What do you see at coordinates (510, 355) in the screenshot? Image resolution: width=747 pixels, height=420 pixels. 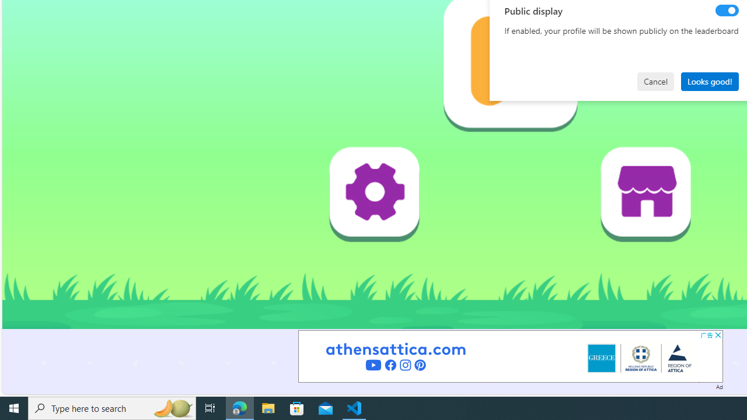 I see `'Advertisement'` at bounding box center [510, 355].